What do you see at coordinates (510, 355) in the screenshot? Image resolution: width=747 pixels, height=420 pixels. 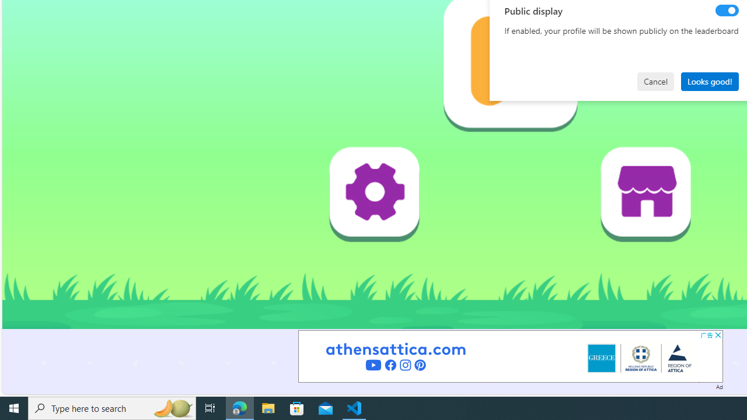 I see `'Advertisement'` at bounding box center [510, 355].